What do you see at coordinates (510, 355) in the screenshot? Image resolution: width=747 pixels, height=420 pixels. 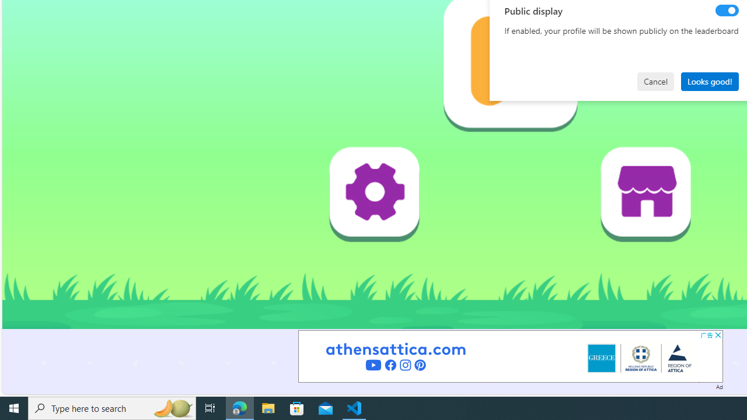 I see `'Advertisement'` at bounding box center [510, 355].